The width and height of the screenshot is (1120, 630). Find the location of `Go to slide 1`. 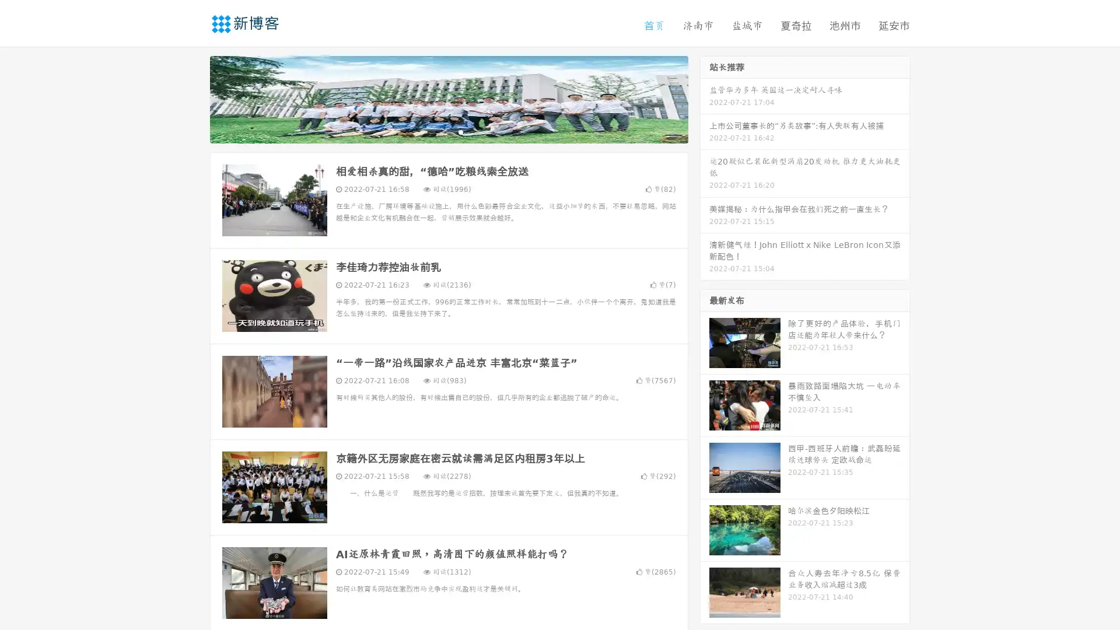

Go to slide 1 is located at coordinates (436, 131).